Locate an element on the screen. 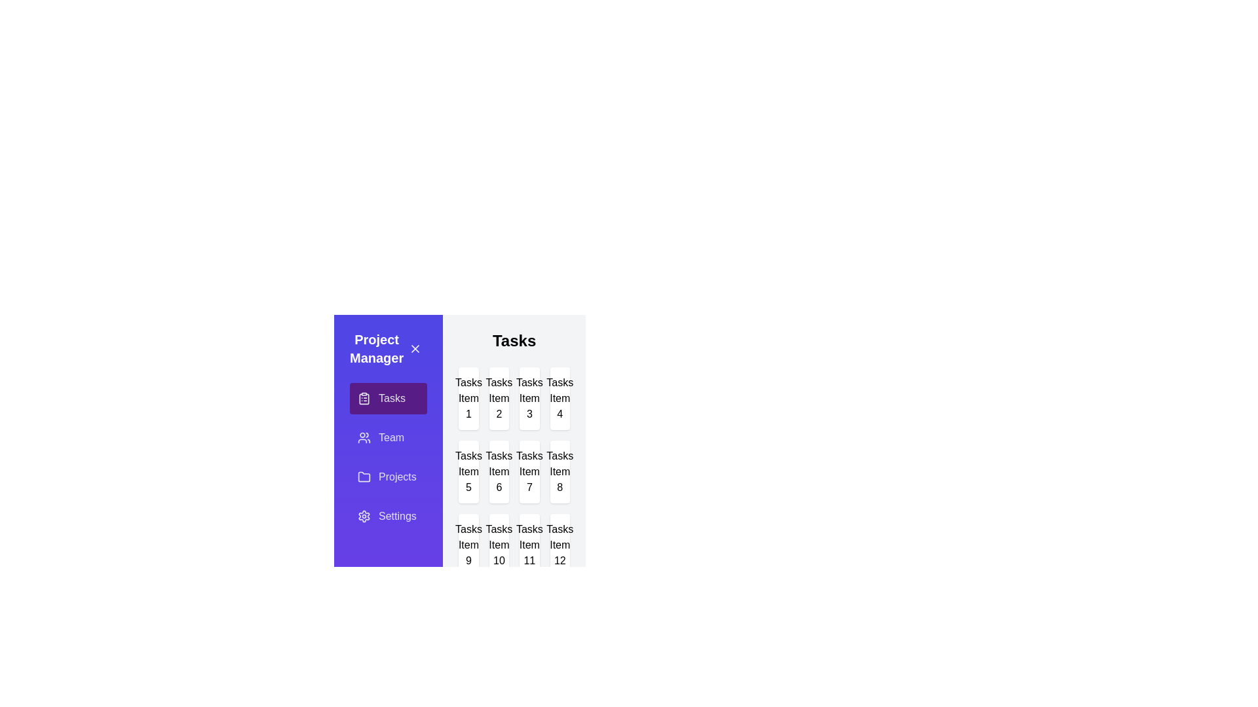  the Tasks tab by clicking on it is located at coordinates (388, 398).